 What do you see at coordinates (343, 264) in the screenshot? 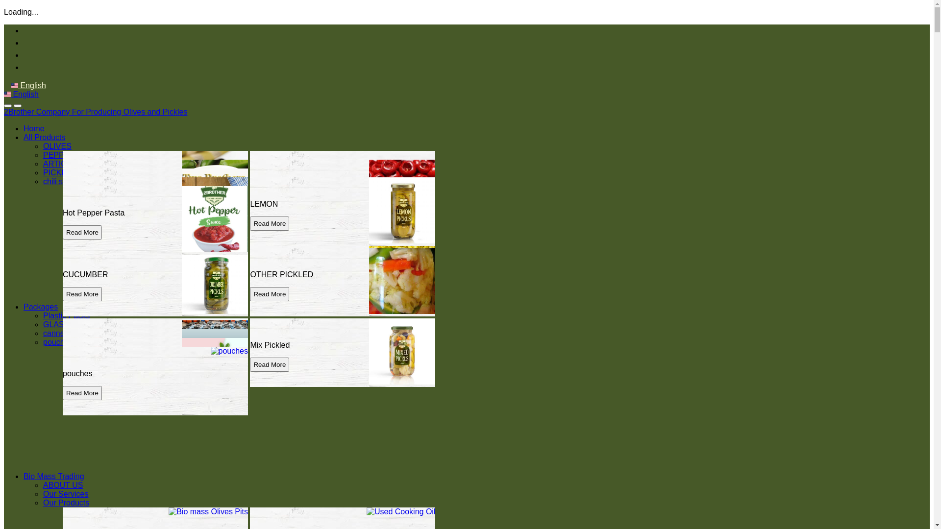
I see `'Lombardi Pepper` at bounding box center [343, 264].